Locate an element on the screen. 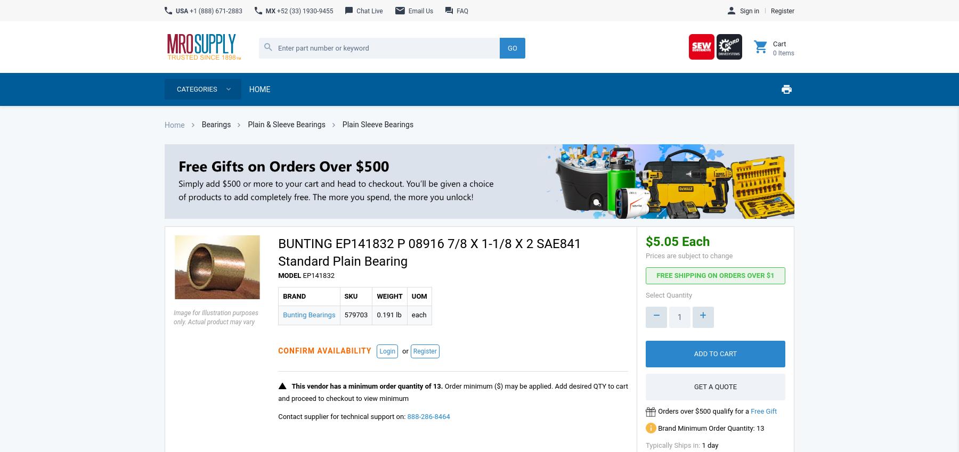 The width and height of the screenshot is (959, 452). 'Plain Sleeve Bearings' is located at coordinates (377, 124).